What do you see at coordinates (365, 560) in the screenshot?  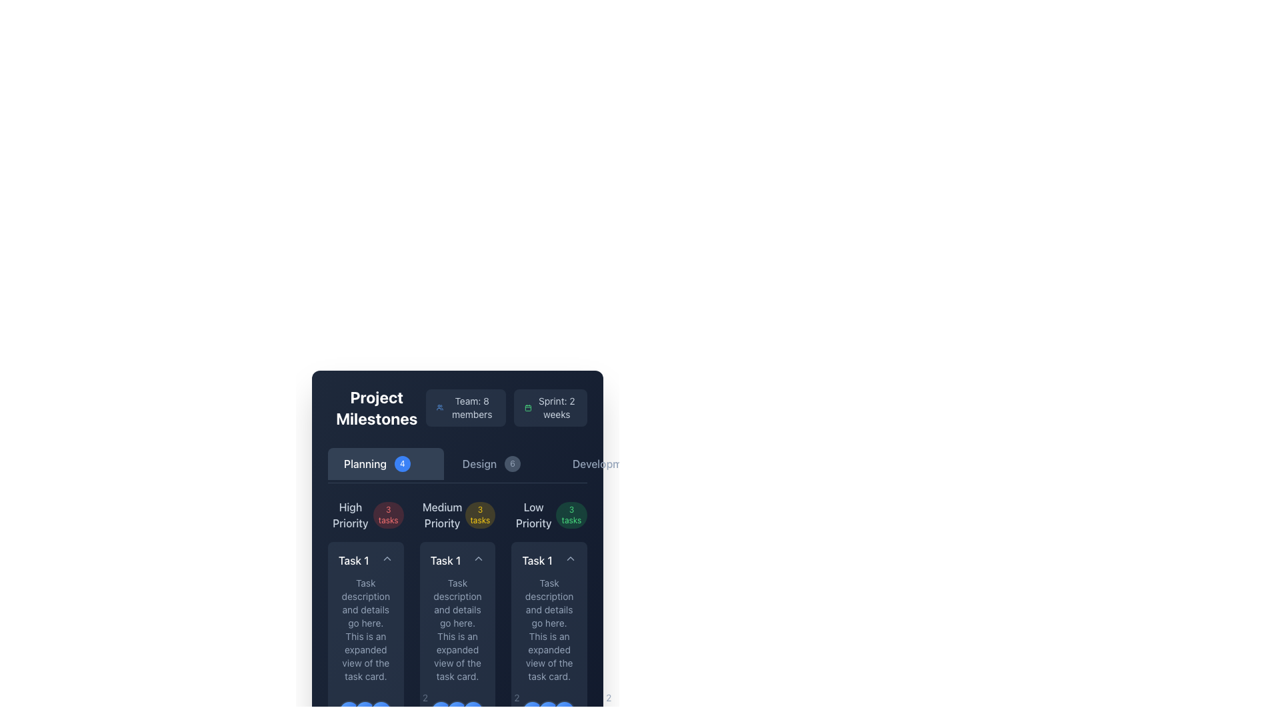 I see `the text label displaying 'Task 1'` at bounding box center [365, 560].